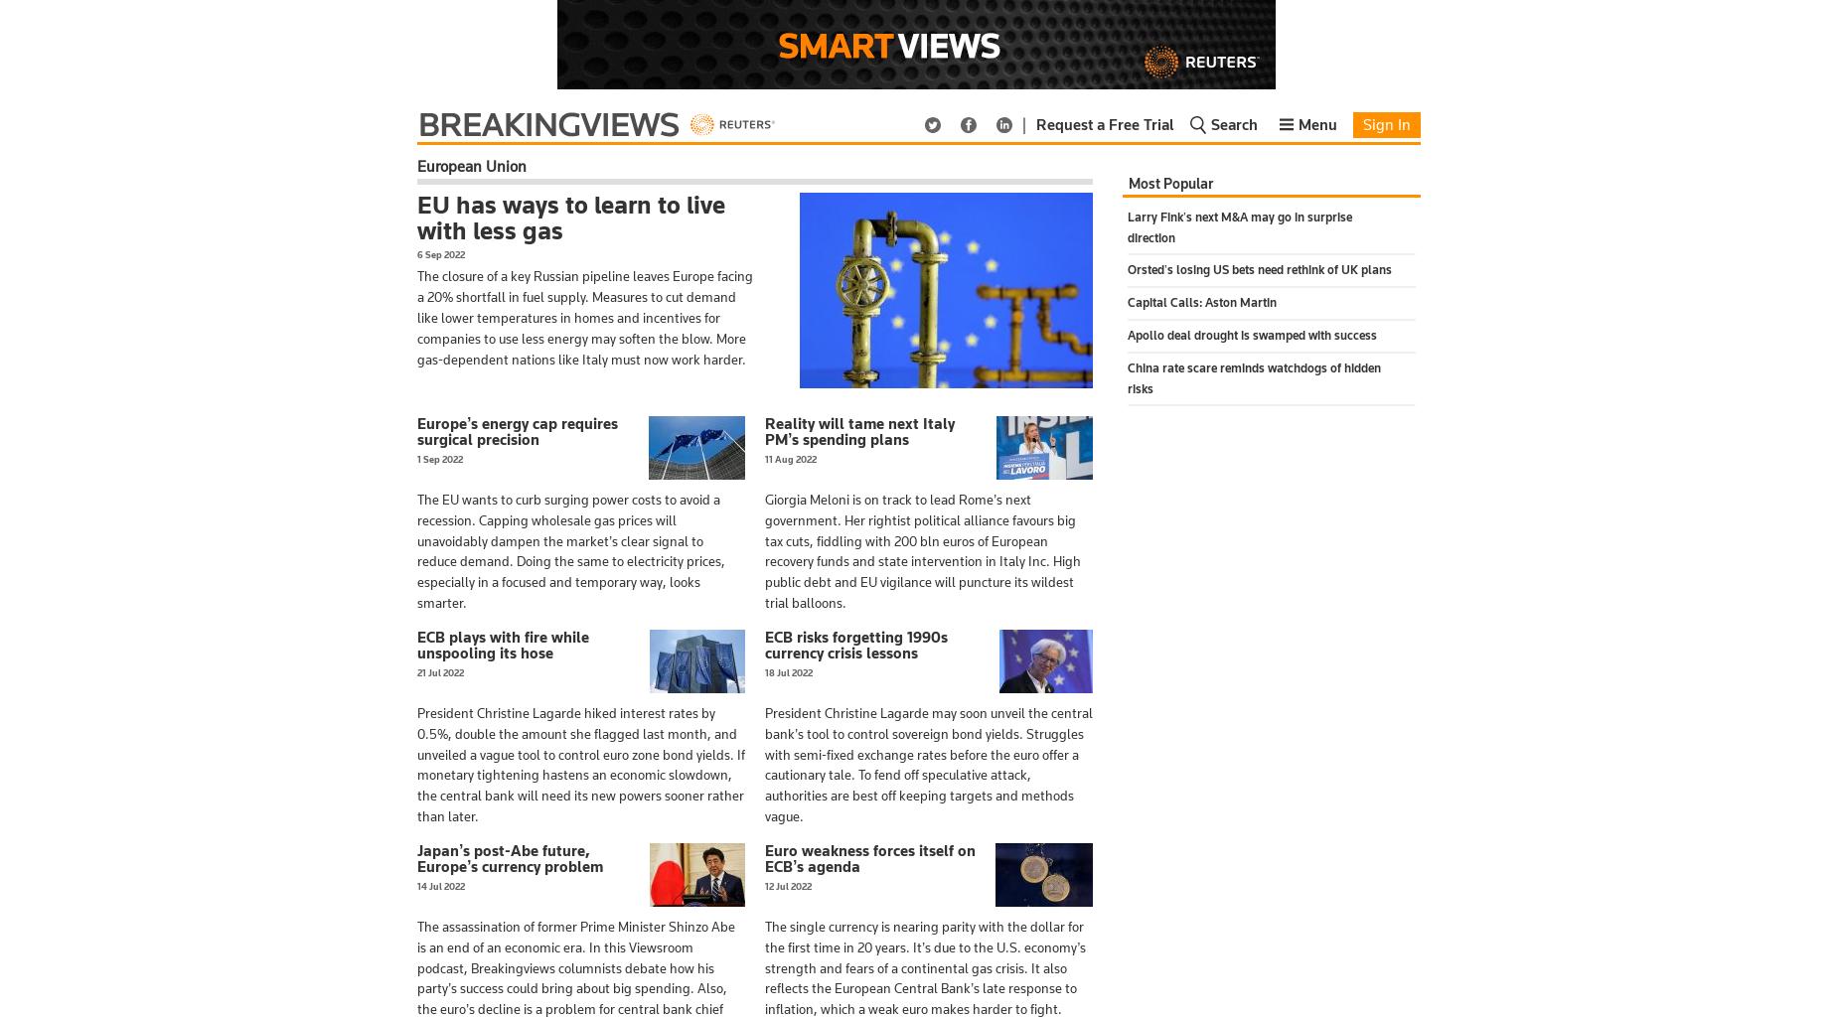 Image resolution: width=1838 pixels, height=1018 pixels. What do you see at coordinates (1022, 124) in the screenshot?
I see `'|'` at bounding box center [1022, 124].